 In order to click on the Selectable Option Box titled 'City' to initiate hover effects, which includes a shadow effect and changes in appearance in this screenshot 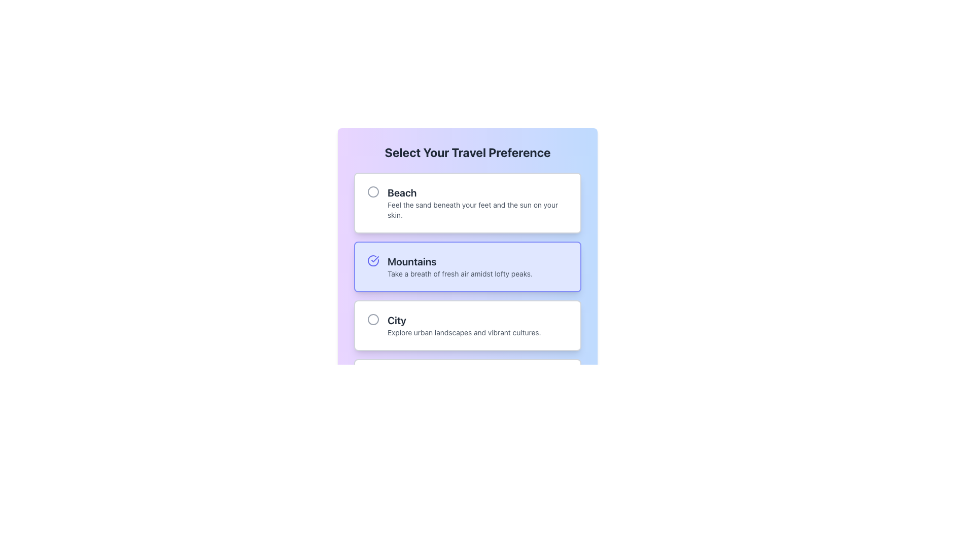, I will do `click(467, 326)`.